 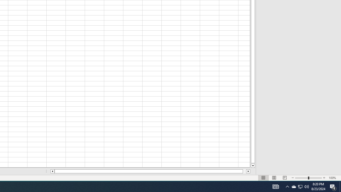 I want to click on 'Class: NetUIScrollBar', so click(x=150, y=171).